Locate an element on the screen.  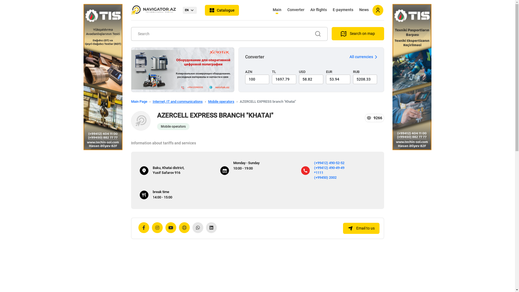
'Converter' is located at coordinates (295, 10).